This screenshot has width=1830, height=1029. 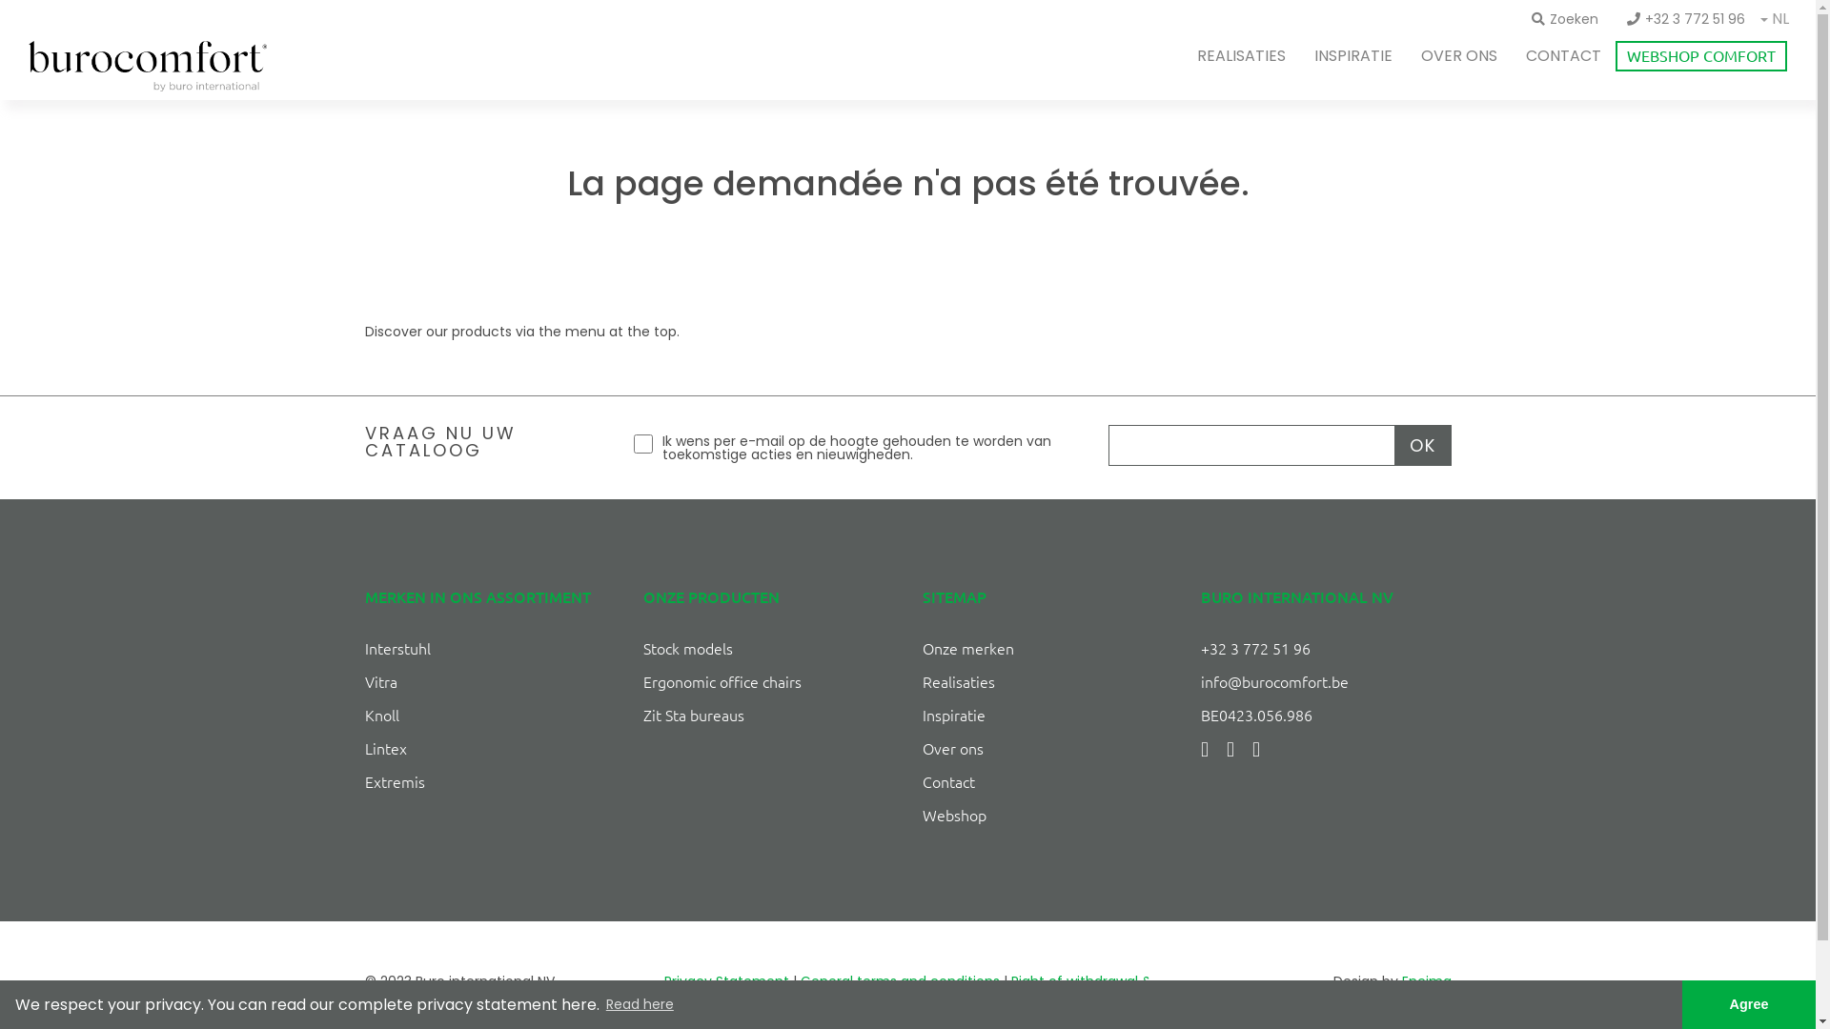 What do you see at coordinates (602, 1004) in the screenshot?
I see `'Read here'` at bounding box center [602, 1004].